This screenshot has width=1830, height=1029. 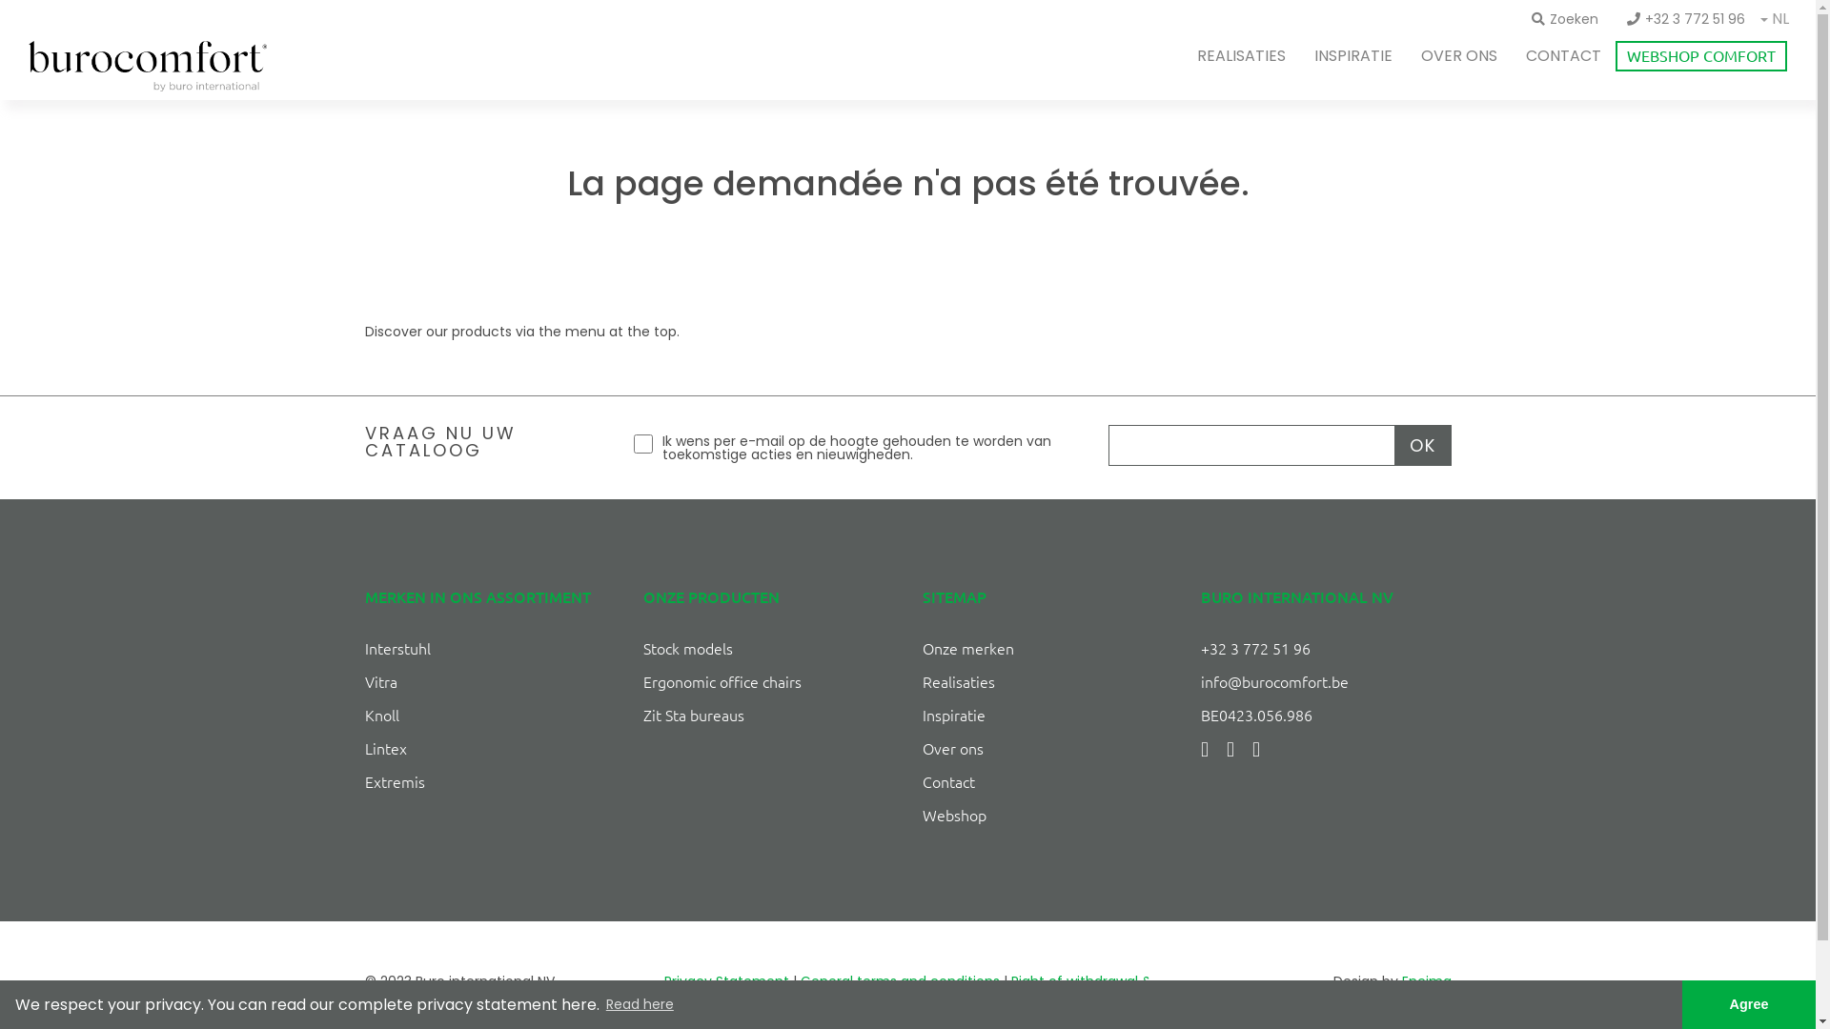 What do you see at coordinates (602, 1004) in the screenshot?
I see `'Read here'` at bounding box center [602, 1004].